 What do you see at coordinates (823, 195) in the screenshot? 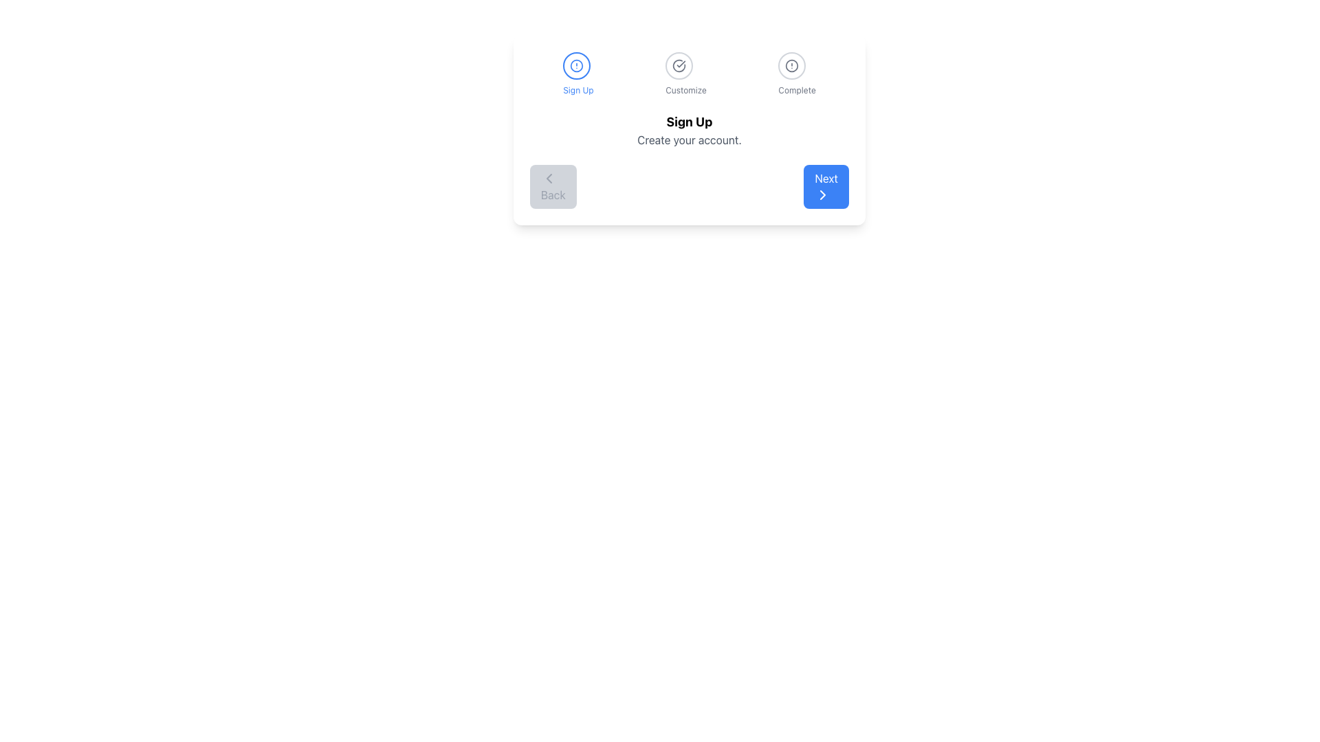
I see `the Chevron icon that serves as a forward navigation cue, located to the right of the 'Next' button` at bounding box center [823, 195].